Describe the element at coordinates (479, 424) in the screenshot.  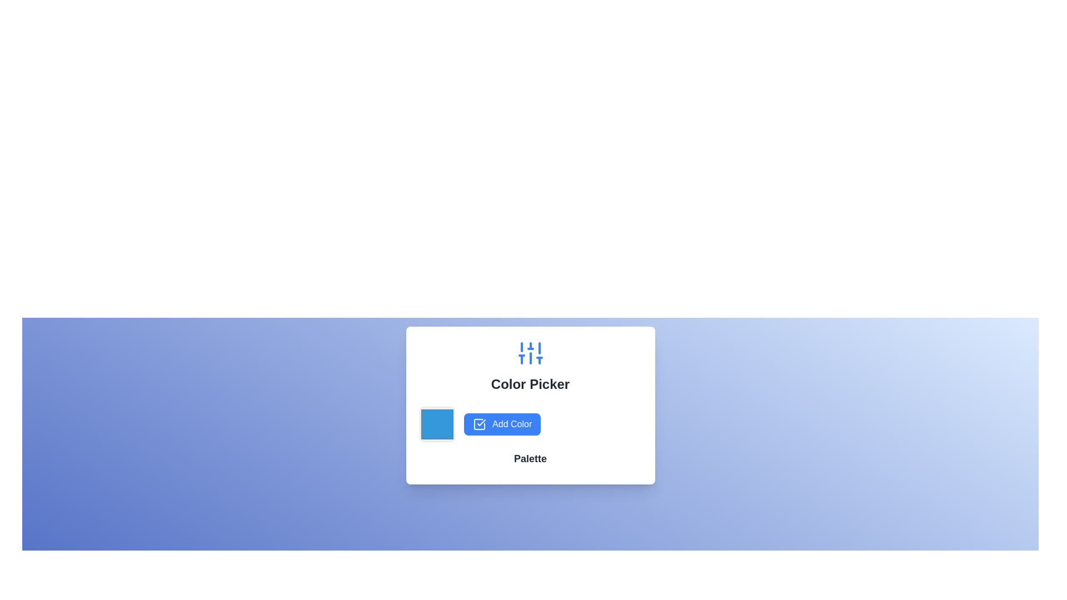
I see `the square-shaped icon with a blue stroke and checkmark that is located to the left of the 'Add Color' button` at that location.